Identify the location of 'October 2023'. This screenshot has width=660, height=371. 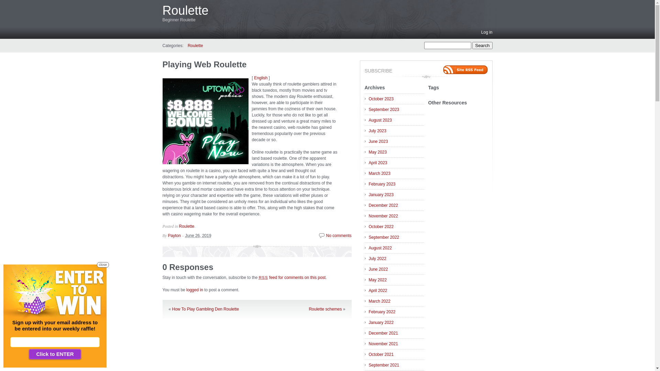
(396, 99).